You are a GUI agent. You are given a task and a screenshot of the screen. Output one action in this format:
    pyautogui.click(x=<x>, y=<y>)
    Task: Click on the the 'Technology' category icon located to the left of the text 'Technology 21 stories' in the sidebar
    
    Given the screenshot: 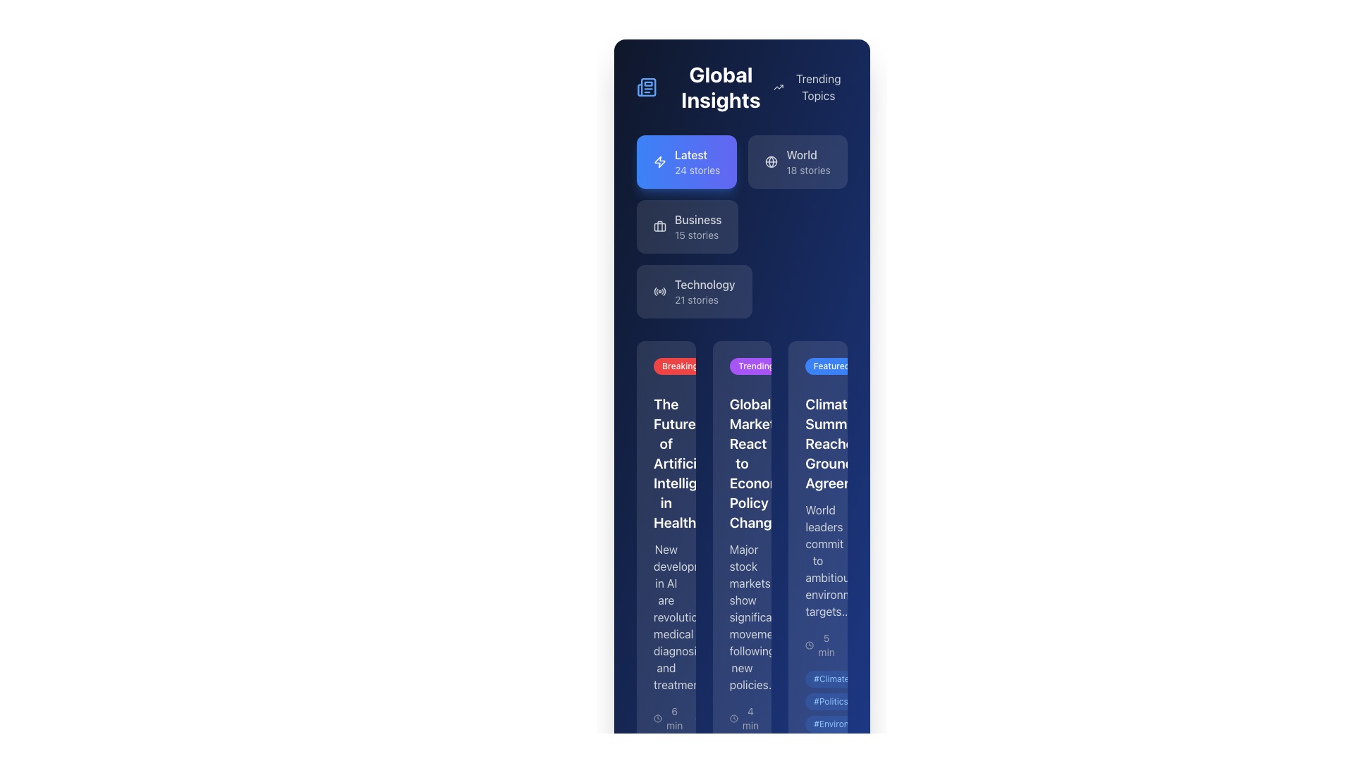 What is the action you would take?
    pyautogui.click(x=659, y=290)
    